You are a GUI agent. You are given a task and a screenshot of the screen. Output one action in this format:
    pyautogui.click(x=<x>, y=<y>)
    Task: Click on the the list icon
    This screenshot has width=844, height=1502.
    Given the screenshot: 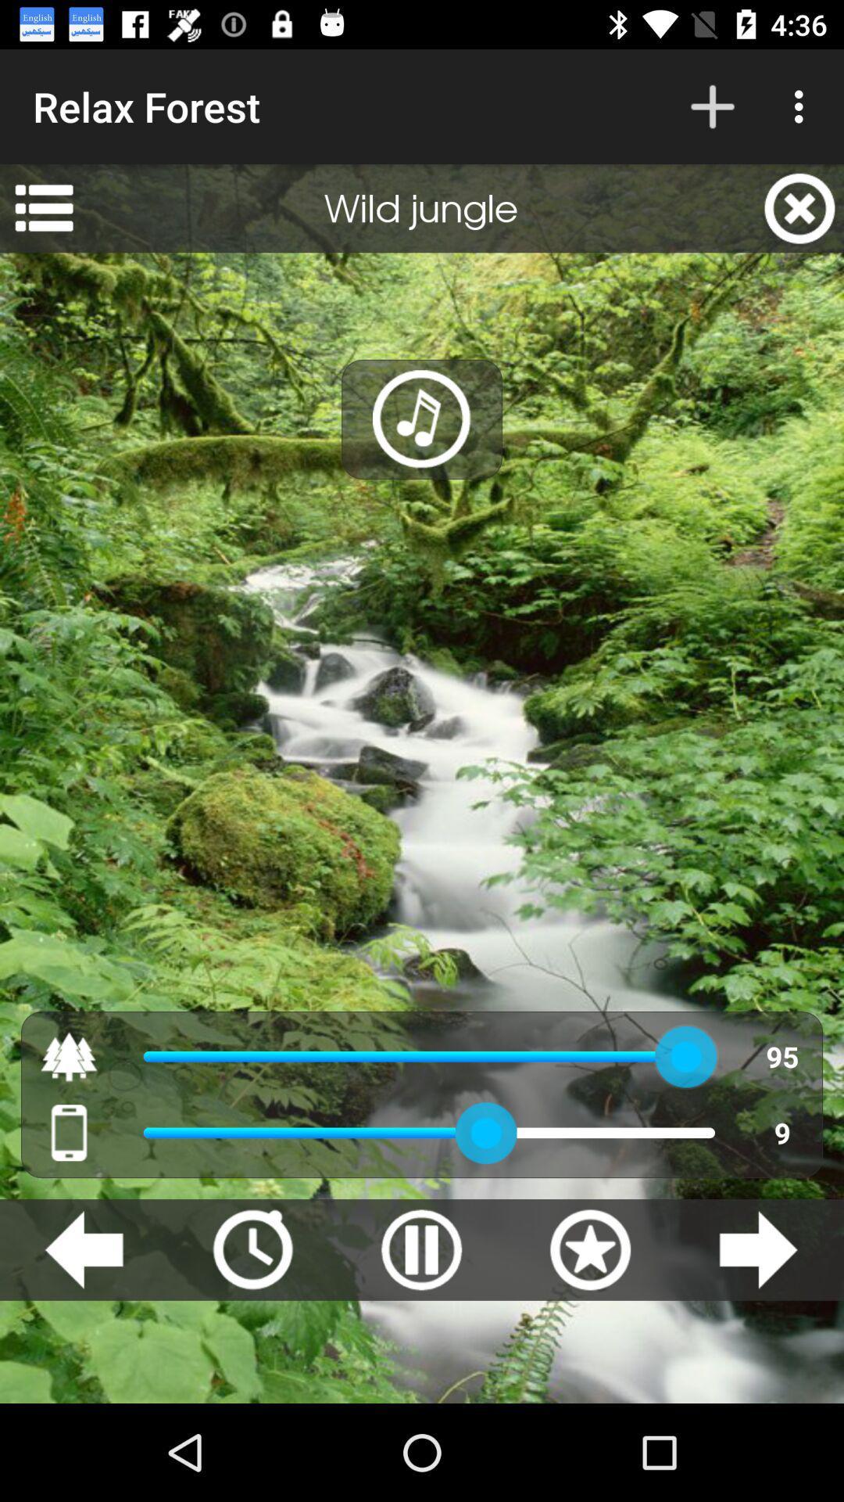 What is the action you would take?
    pyautogui.click(x=43, y=207)
    